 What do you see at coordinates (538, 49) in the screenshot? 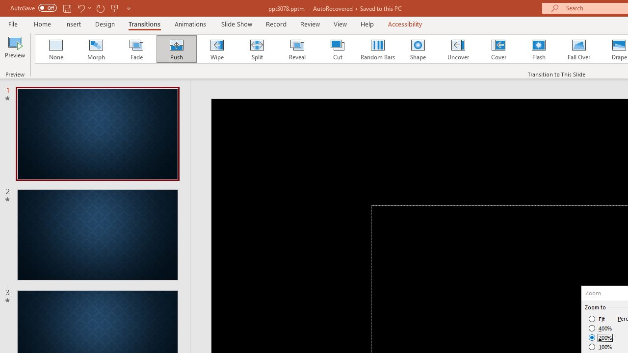
I see `'Flash'` at bounding box center [538, 49].